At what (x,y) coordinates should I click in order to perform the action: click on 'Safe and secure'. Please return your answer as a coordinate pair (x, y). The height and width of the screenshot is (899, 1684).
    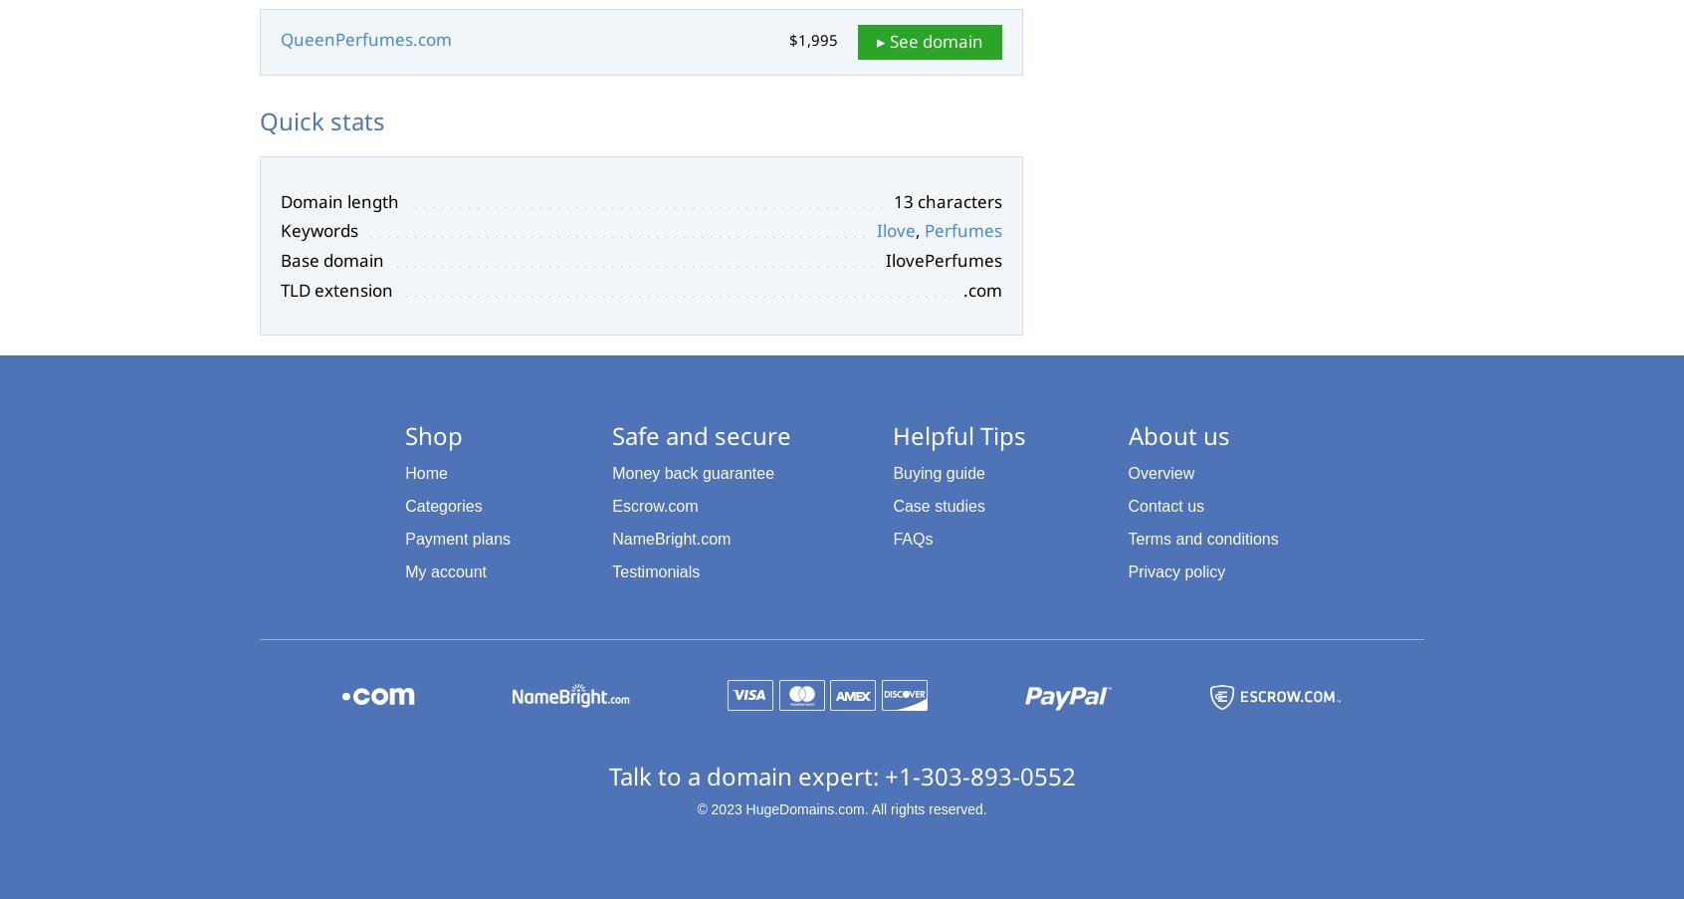
    Looking at the image, I should click on (702, 434).